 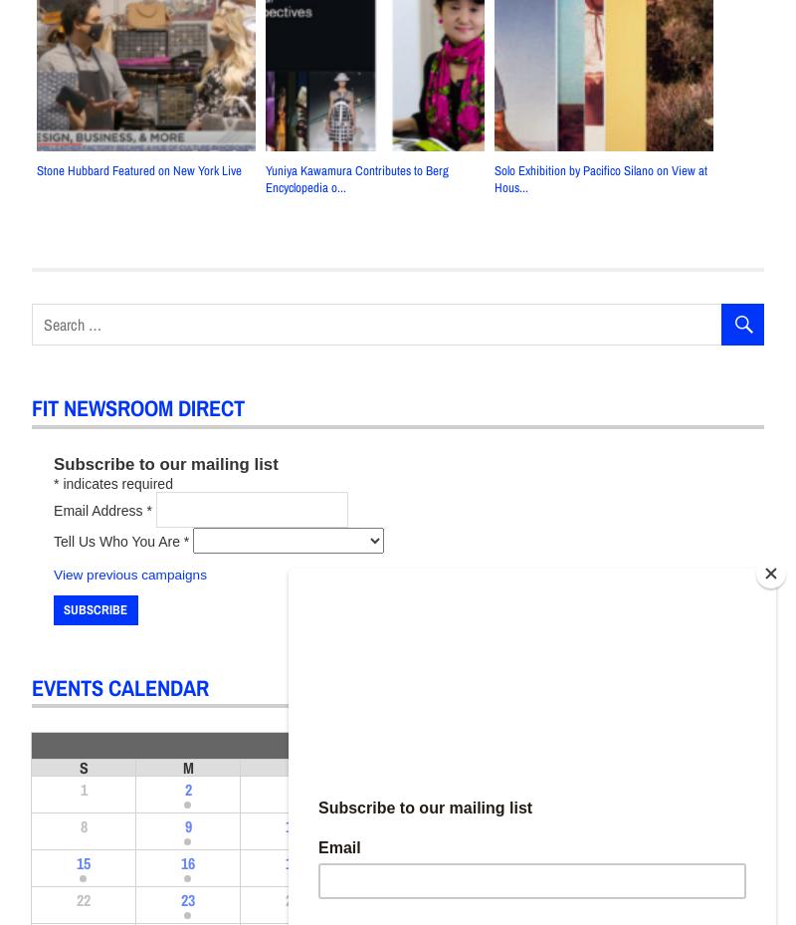 What do you see at coordinates (396, 766) in the screenshot?
I see `'W'` at bounding box center [396, 766].